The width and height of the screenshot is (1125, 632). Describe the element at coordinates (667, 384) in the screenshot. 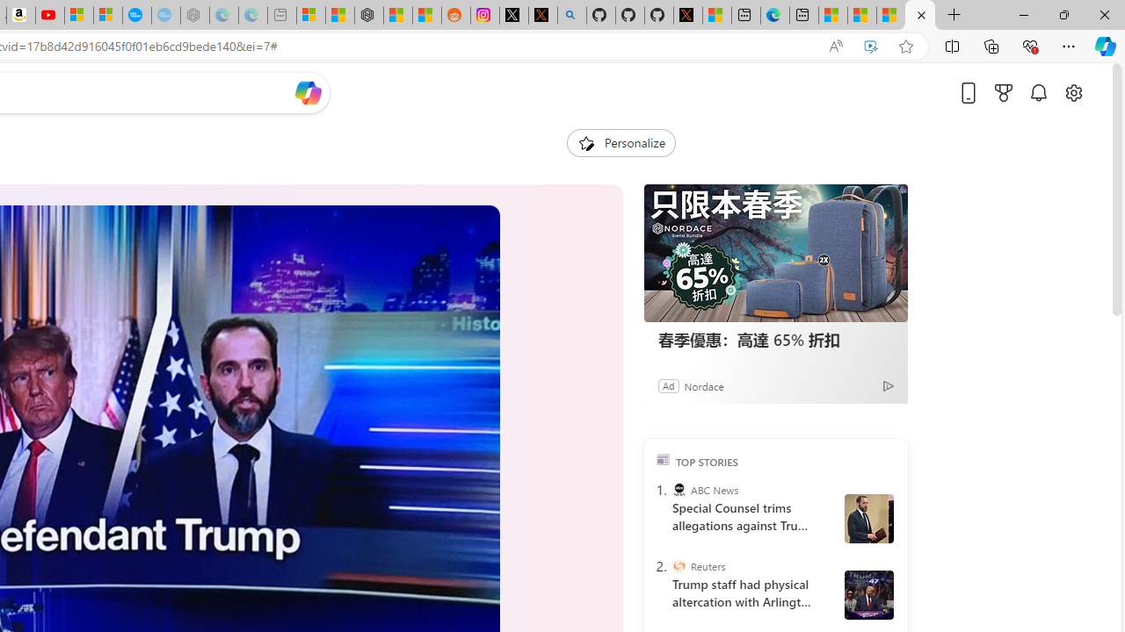

I see `'Ad'` at that location.